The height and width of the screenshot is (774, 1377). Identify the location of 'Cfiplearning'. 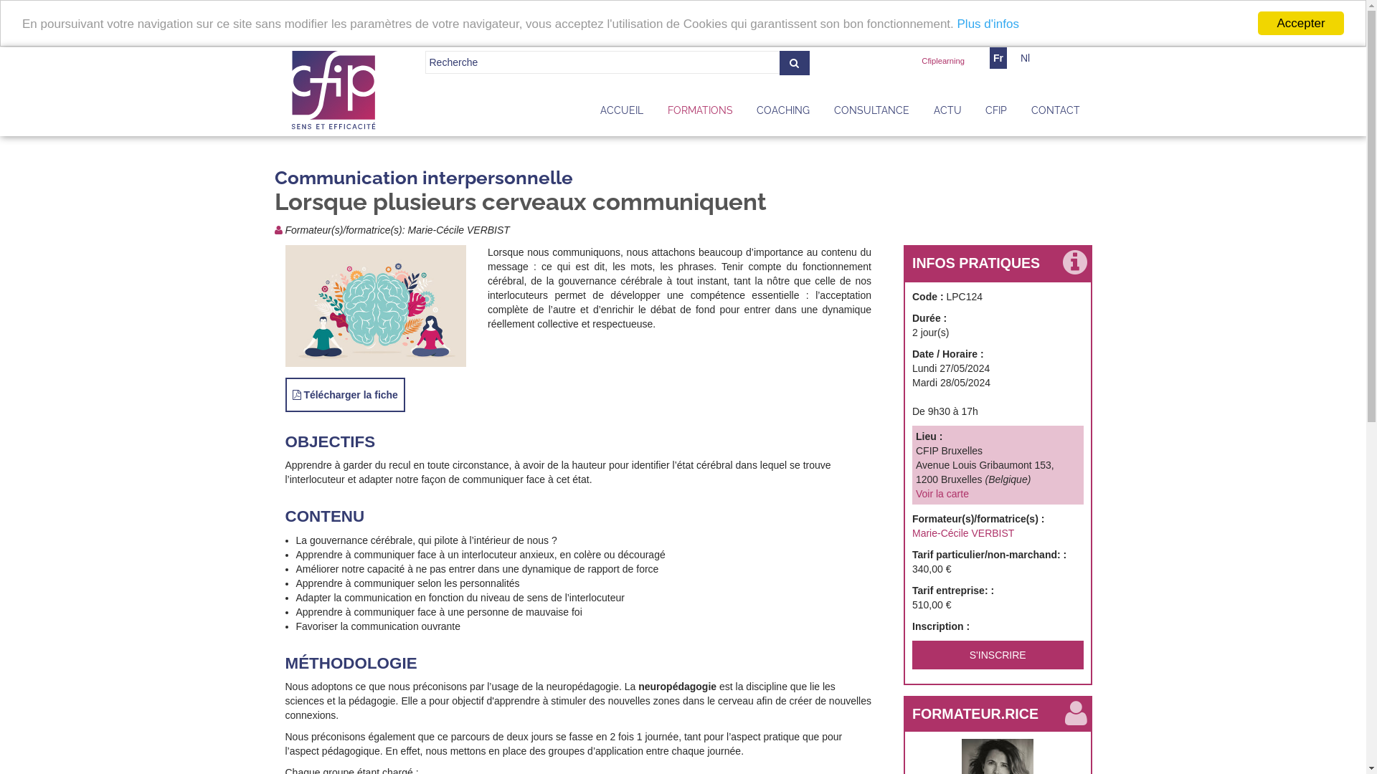
(943, 59).